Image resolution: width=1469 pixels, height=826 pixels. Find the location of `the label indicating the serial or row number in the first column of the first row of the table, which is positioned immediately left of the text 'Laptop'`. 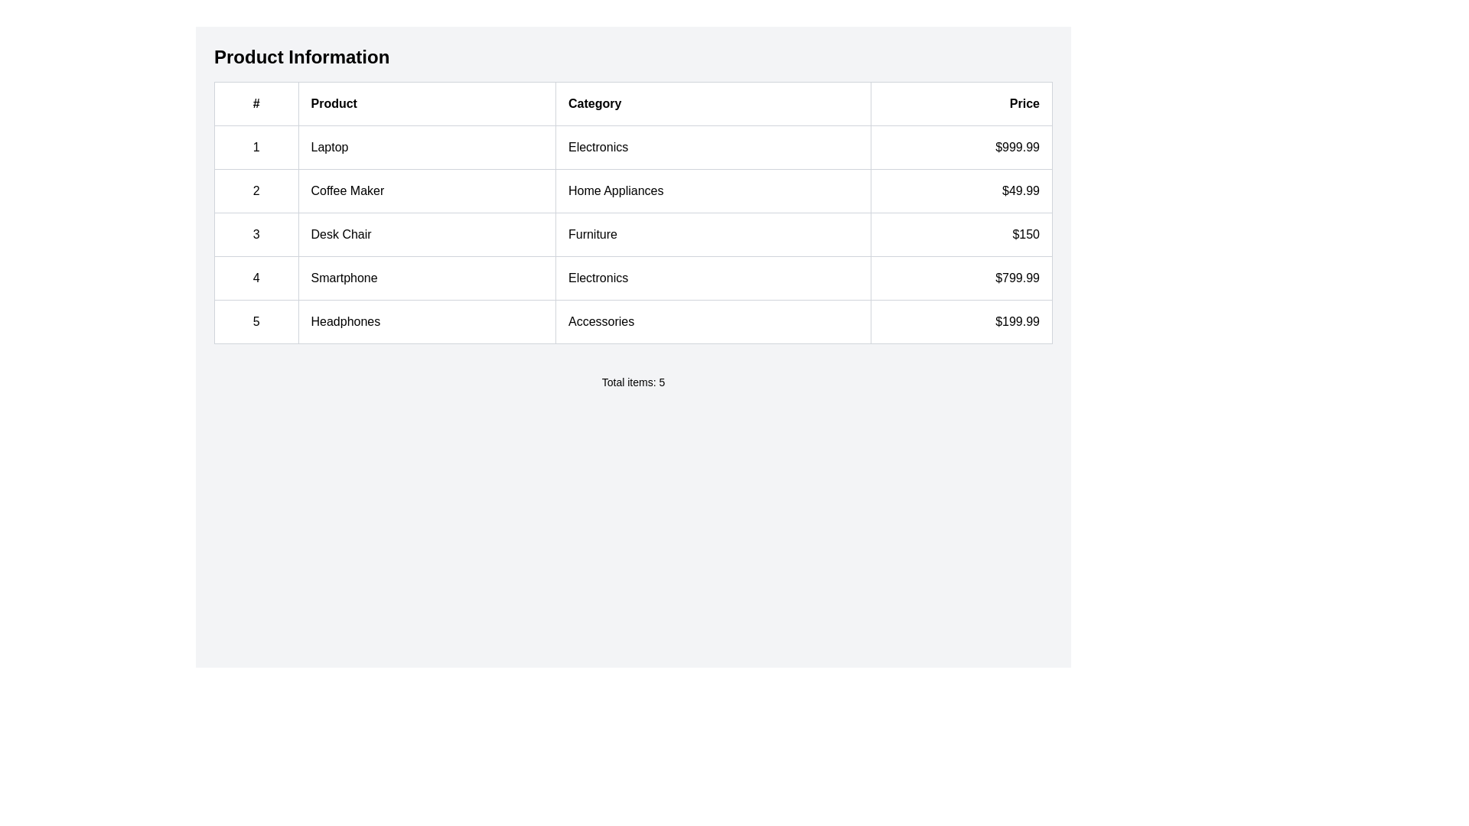

the label indicating the serial or row number in the first column of the first row of the table, which is positioned immediately left of the text 'Laptop' is located at coordinates (256, 147).